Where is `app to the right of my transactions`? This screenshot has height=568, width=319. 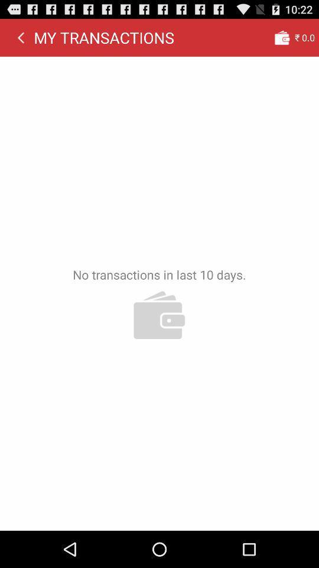
app to the right of my transactions is located at coordinates (281, 37).